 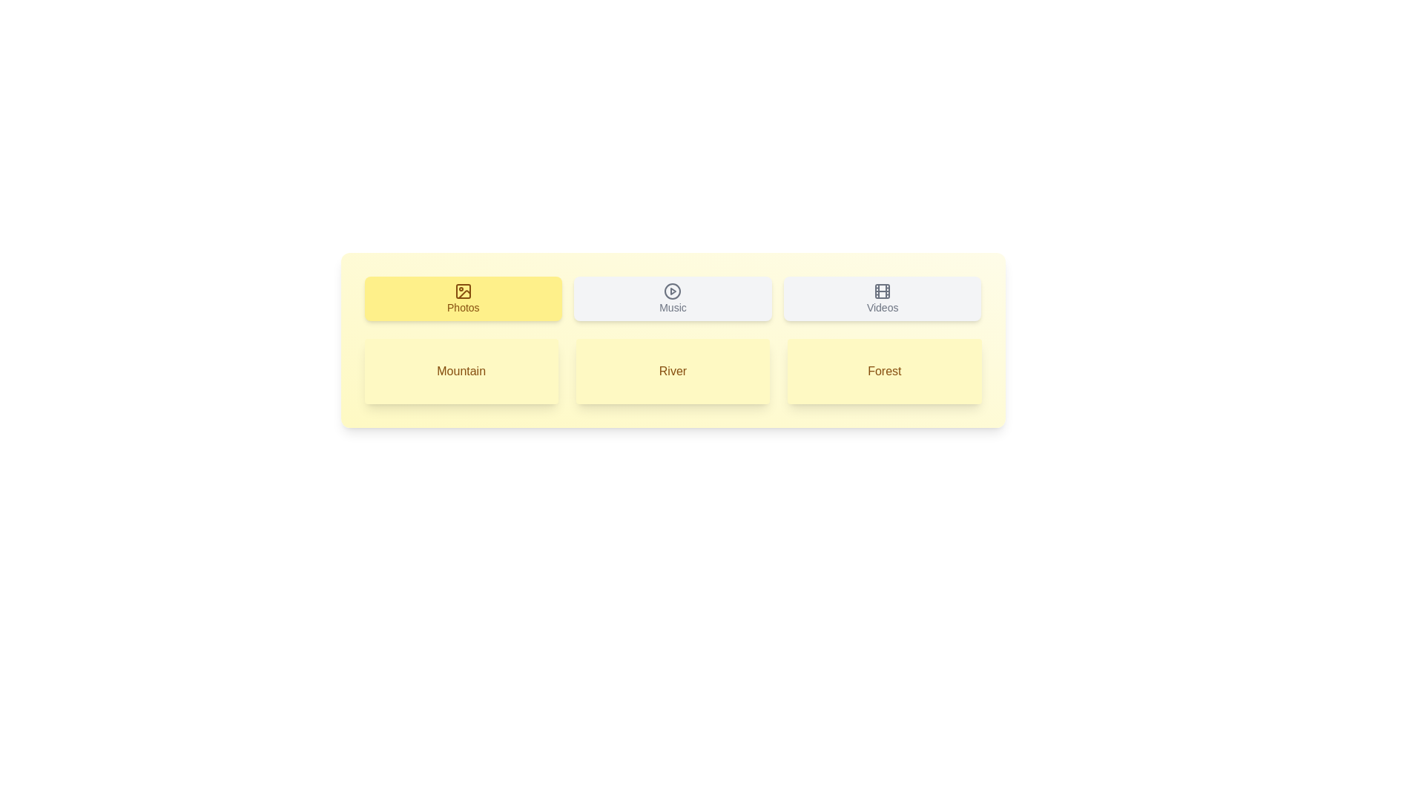 I want to click on the tab or list item labeled Mountain, so click(x=461, y=371).